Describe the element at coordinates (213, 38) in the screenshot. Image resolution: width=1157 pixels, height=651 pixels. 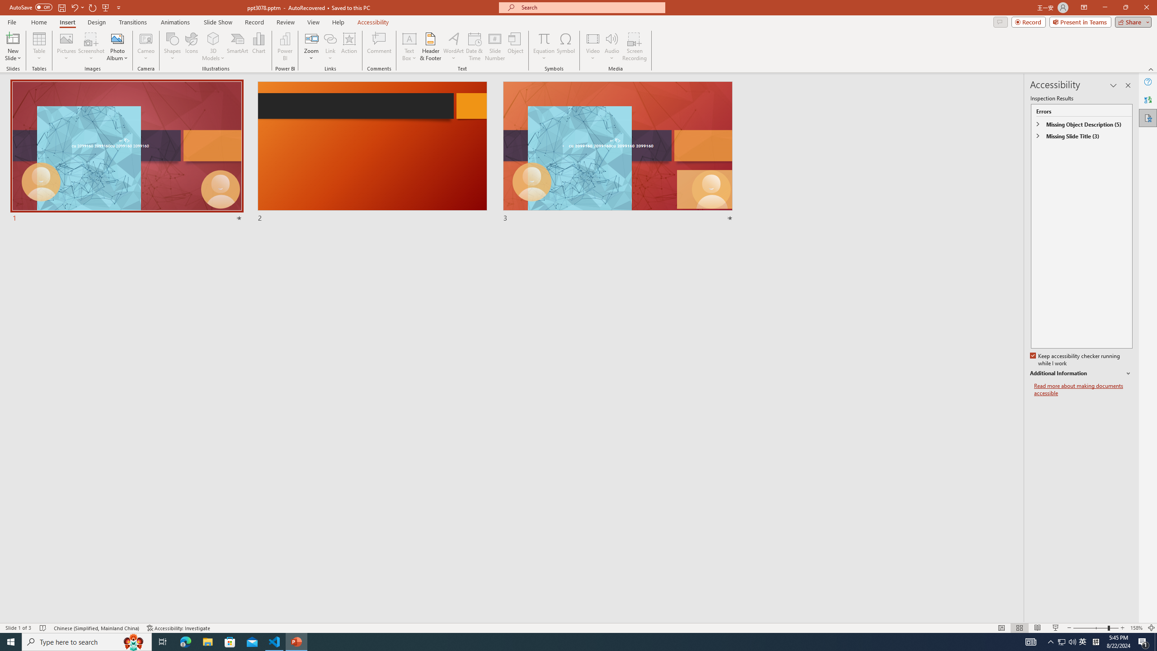
I see `'3D Models'` at that location.